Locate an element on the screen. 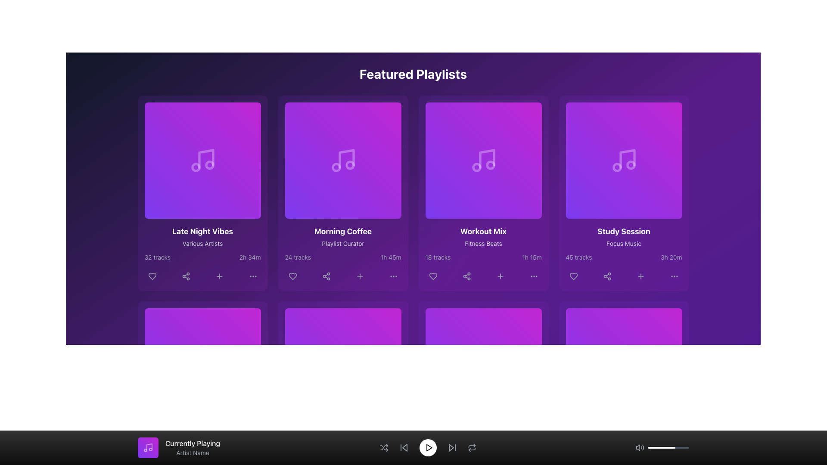  the 'Share' button located at the center of the 'Study Session' playlist card in the second row and fourth column of the grid layout is located at coordinates (606, 276).